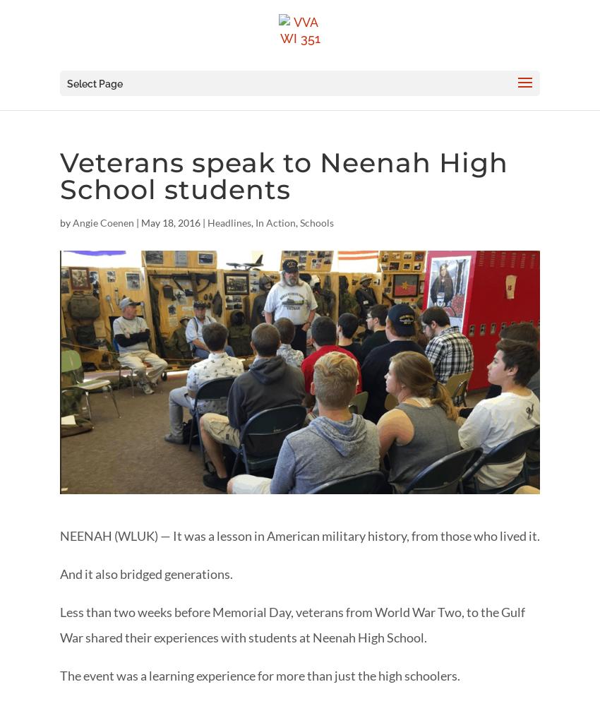 The height and width of the screenshot is (706, 600). Describe the element at coordinates (140, 222) in the screenshot. I see `'May 18, 2016'` at that location.